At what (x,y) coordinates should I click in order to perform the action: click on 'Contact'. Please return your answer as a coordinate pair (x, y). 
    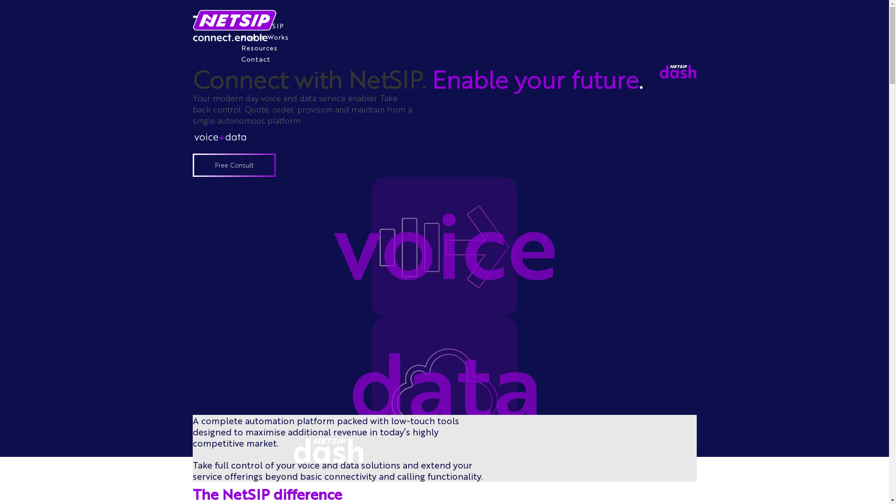
    Looking at the image, I should click on (255, 59).